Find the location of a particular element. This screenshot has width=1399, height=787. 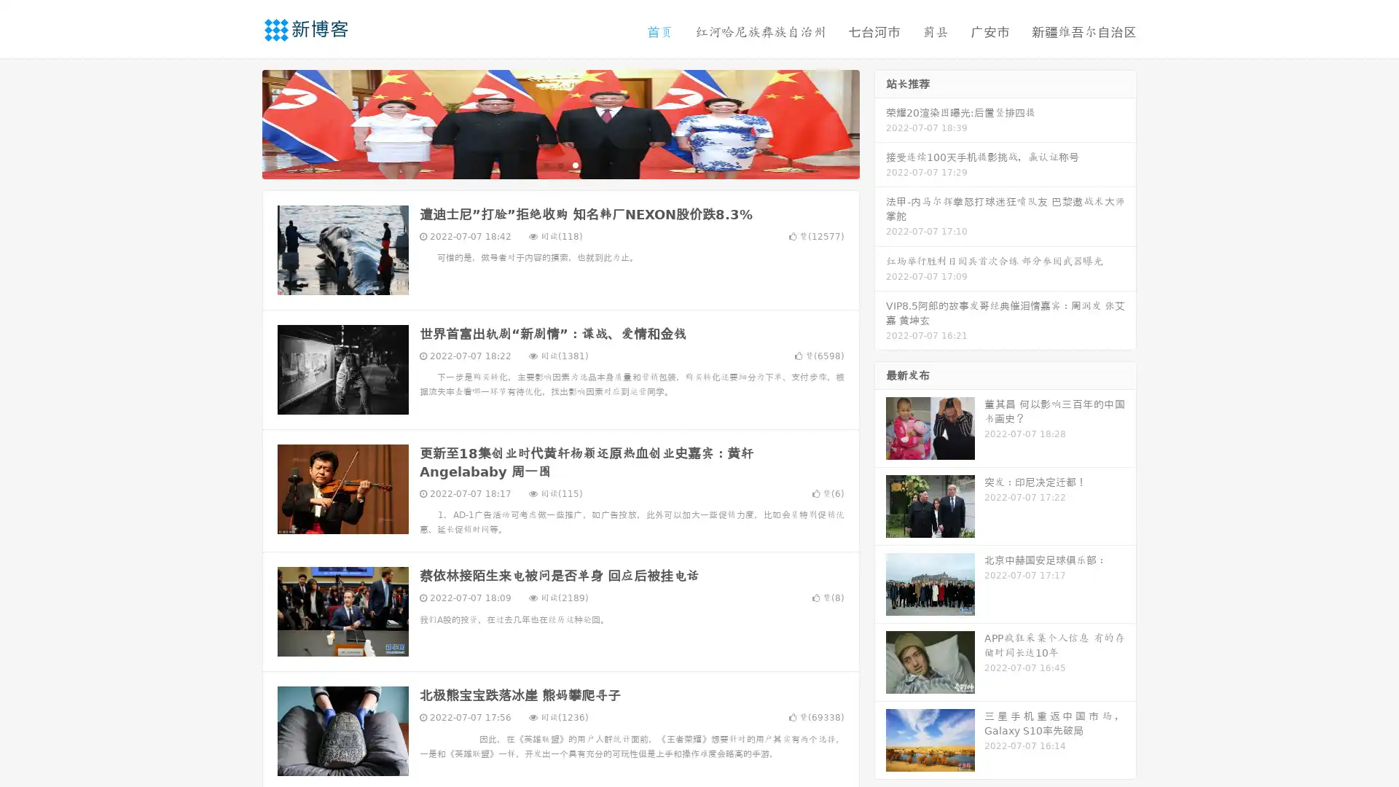

Go to slide 3 is located at coordinates (575, 164).